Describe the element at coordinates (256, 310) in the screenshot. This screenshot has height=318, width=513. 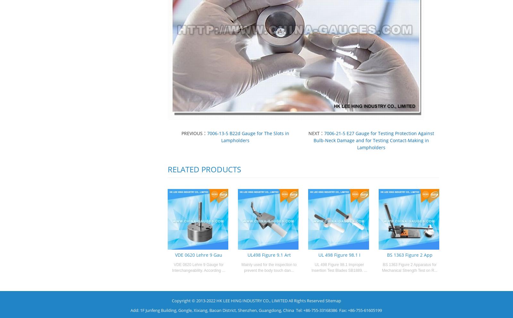
I see `'Add: 1F Junfeng Building, Gongle, Xixiang, Baoan District, Shenzhen, Guangdong, China  Tel: +86-755-33168386  Fax: +86-755-61605199'` at that location.